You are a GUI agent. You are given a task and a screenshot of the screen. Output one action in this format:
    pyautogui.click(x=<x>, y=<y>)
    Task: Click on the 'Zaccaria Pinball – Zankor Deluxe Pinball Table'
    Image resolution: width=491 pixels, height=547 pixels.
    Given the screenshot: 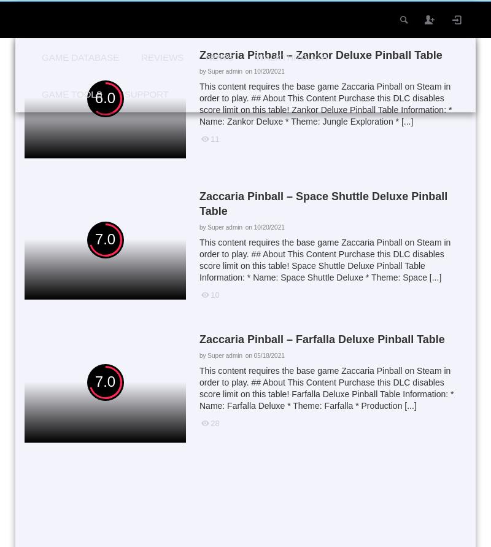 What is the action you would take?
    pyautogui.click(x=198, y=55)
    